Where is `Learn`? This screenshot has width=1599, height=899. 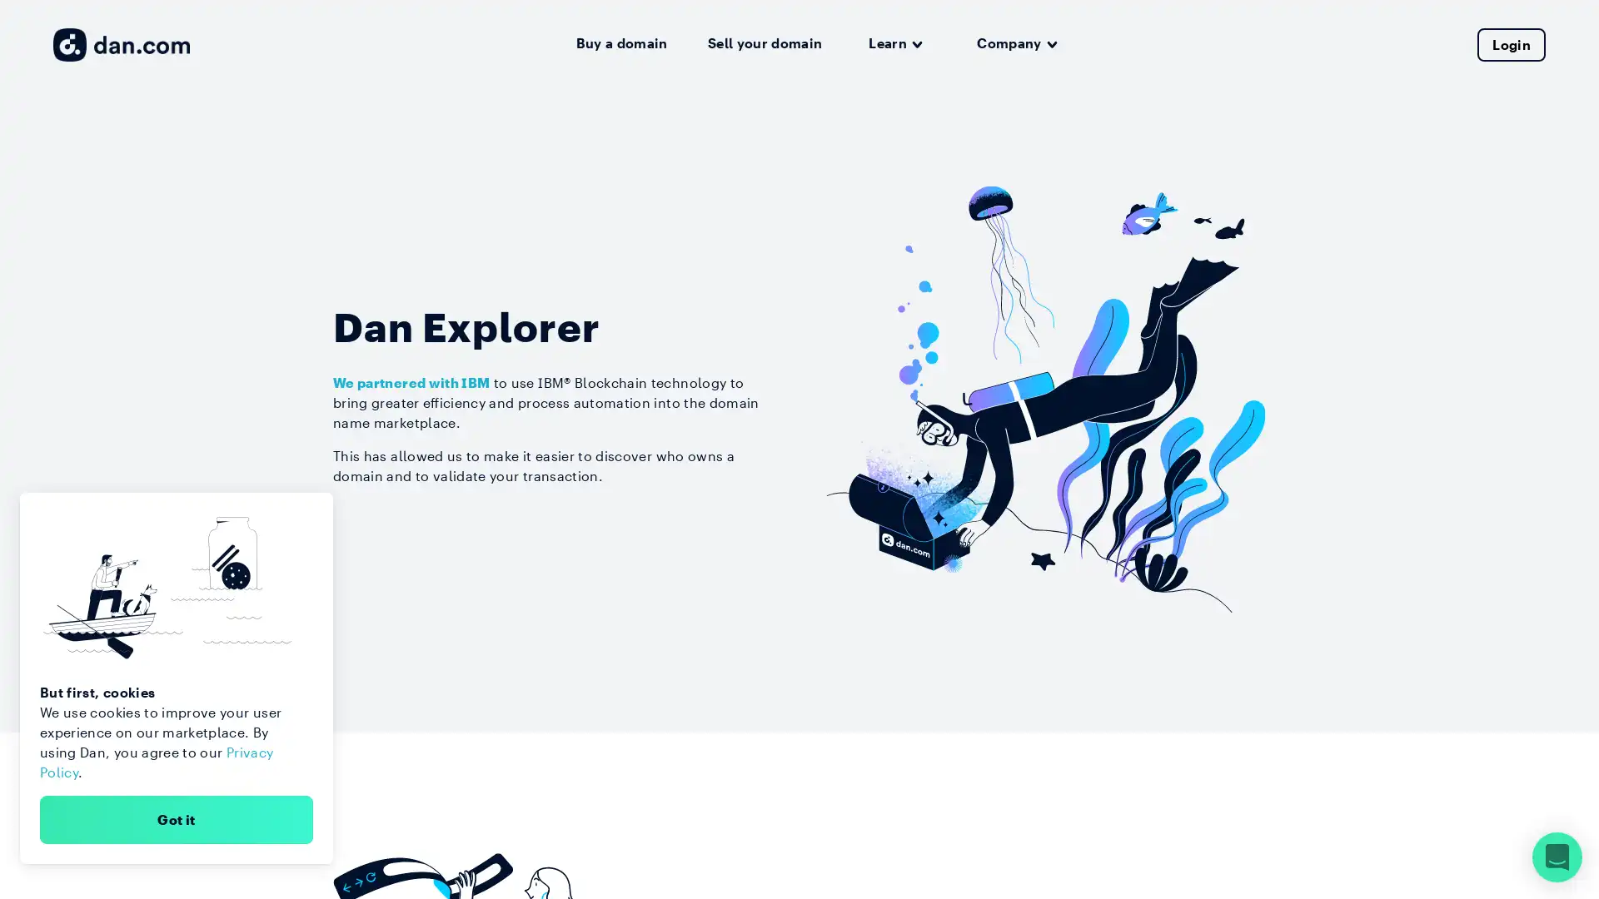
Learn is located at coordinates (894, 43).